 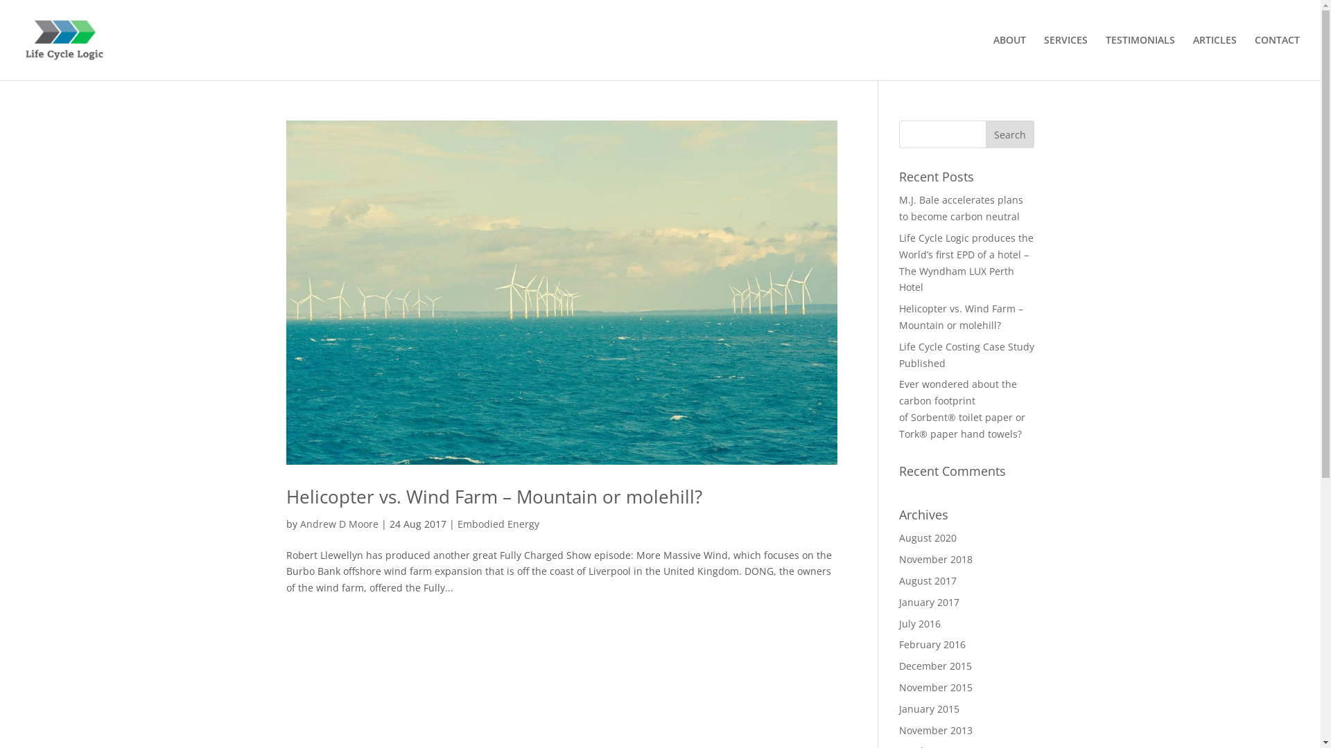 I want to click on 'January 2017', so click(x=929, y=601).